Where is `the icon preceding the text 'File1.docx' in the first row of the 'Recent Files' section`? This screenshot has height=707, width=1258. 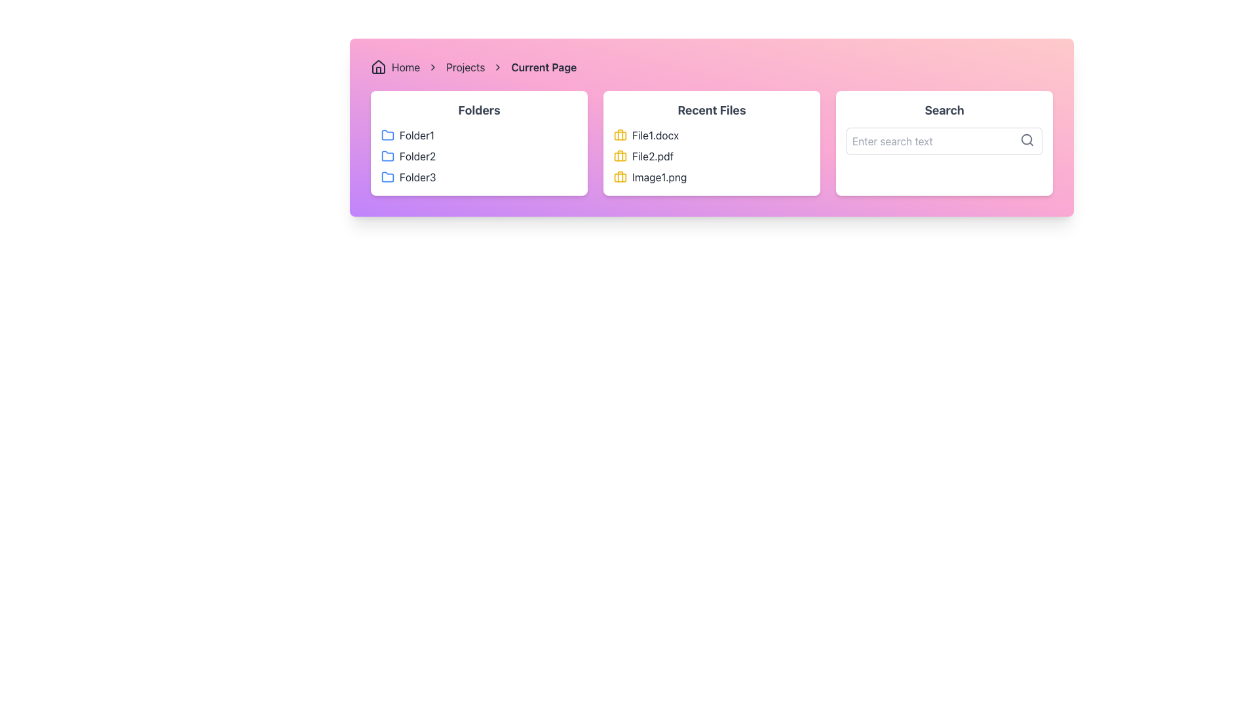 the icon preceding the text 'File1.docx' in the first row of the 'Recent Files' section is located at coordinates (619, 136).